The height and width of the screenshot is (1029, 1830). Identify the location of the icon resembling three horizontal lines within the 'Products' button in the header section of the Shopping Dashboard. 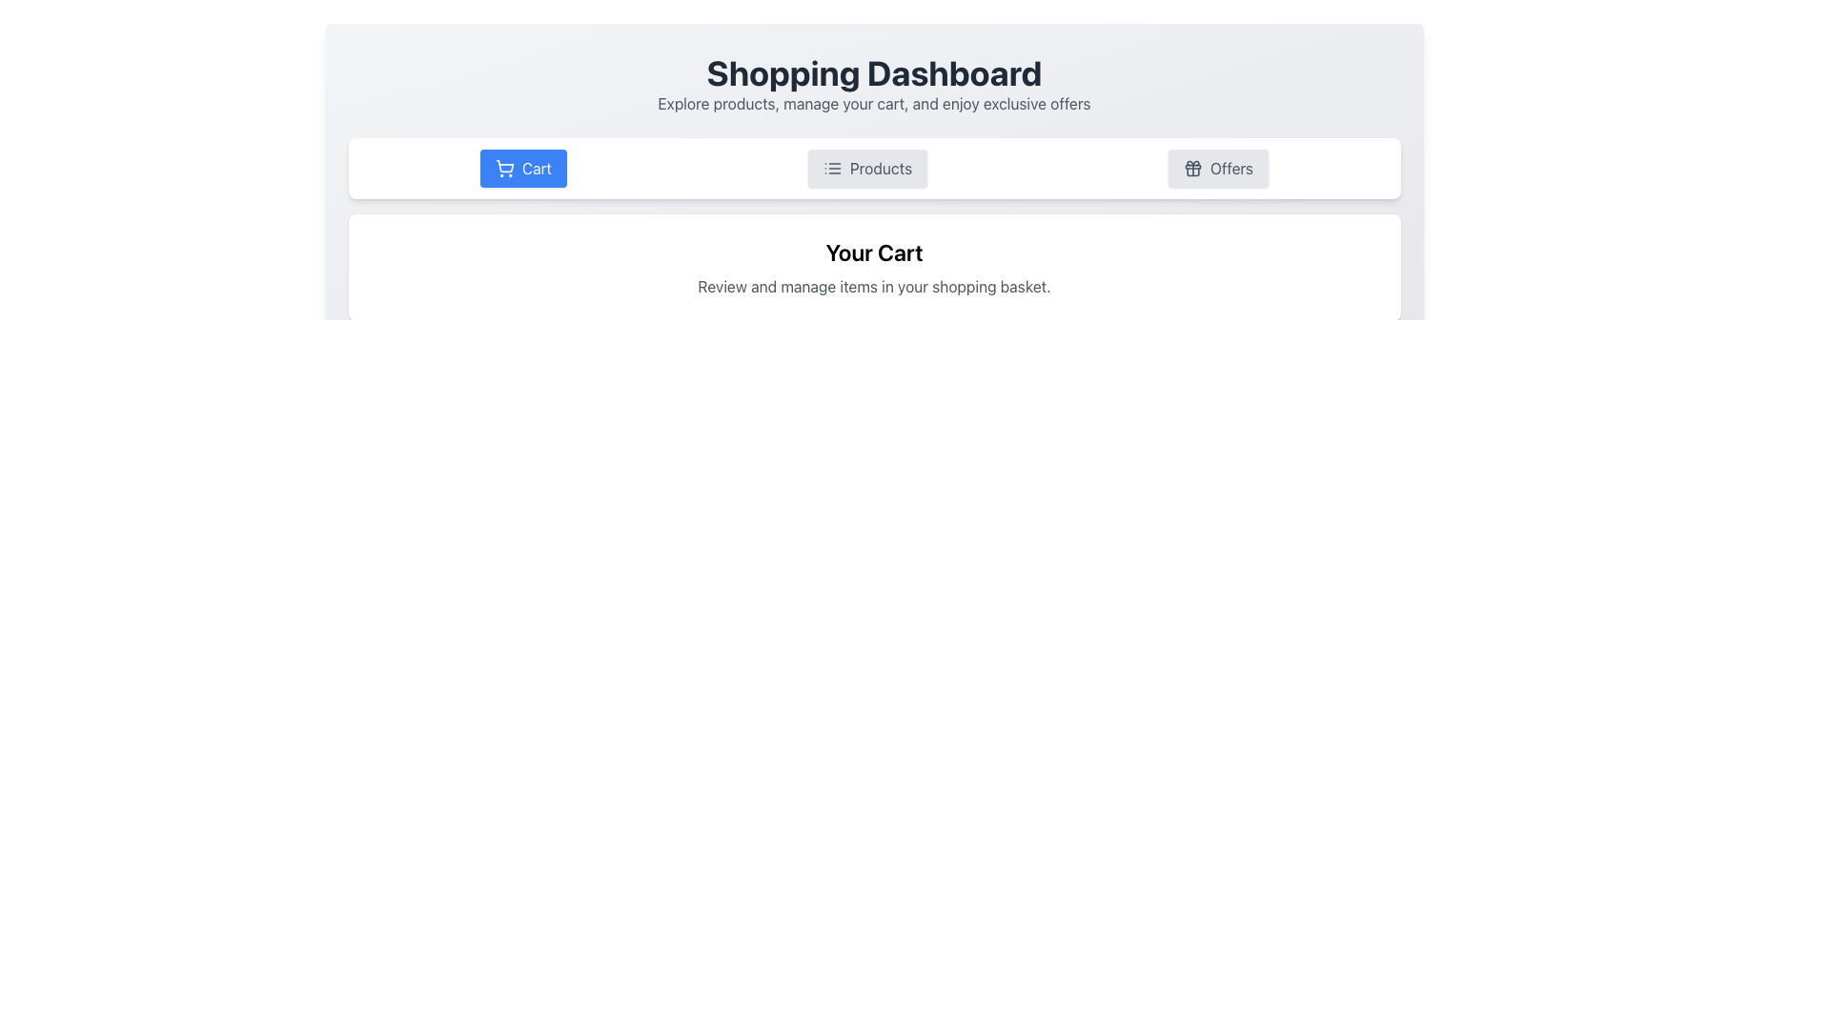
(832, 168).